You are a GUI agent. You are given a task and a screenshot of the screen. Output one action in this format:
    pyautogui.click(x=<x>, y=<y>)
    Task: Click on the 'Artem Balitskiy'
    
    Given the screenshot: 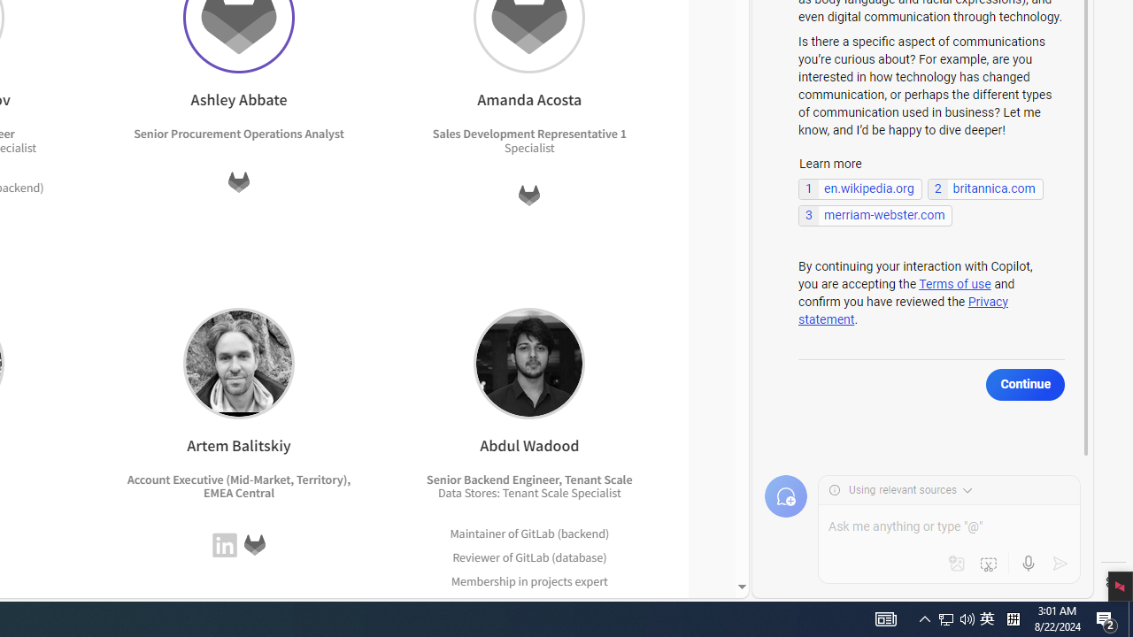 What is the action you would take?
    pyautogui.click(x=237, y=362)
    